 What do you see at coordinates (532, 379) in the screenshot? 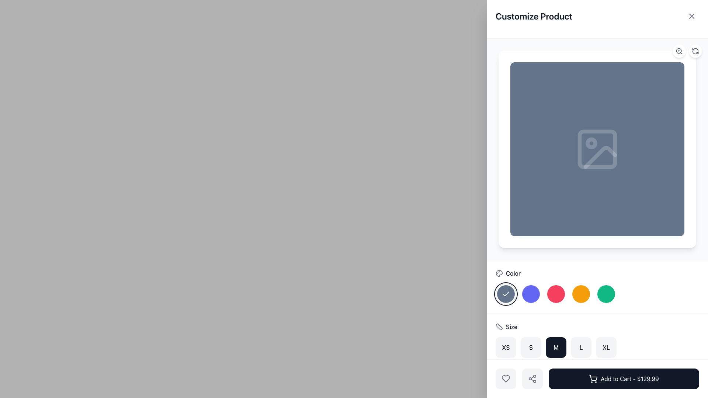
I see `the sharing icon located below the heart icon and above the 'Add to Cart' button` at bounding box center [532, 379].